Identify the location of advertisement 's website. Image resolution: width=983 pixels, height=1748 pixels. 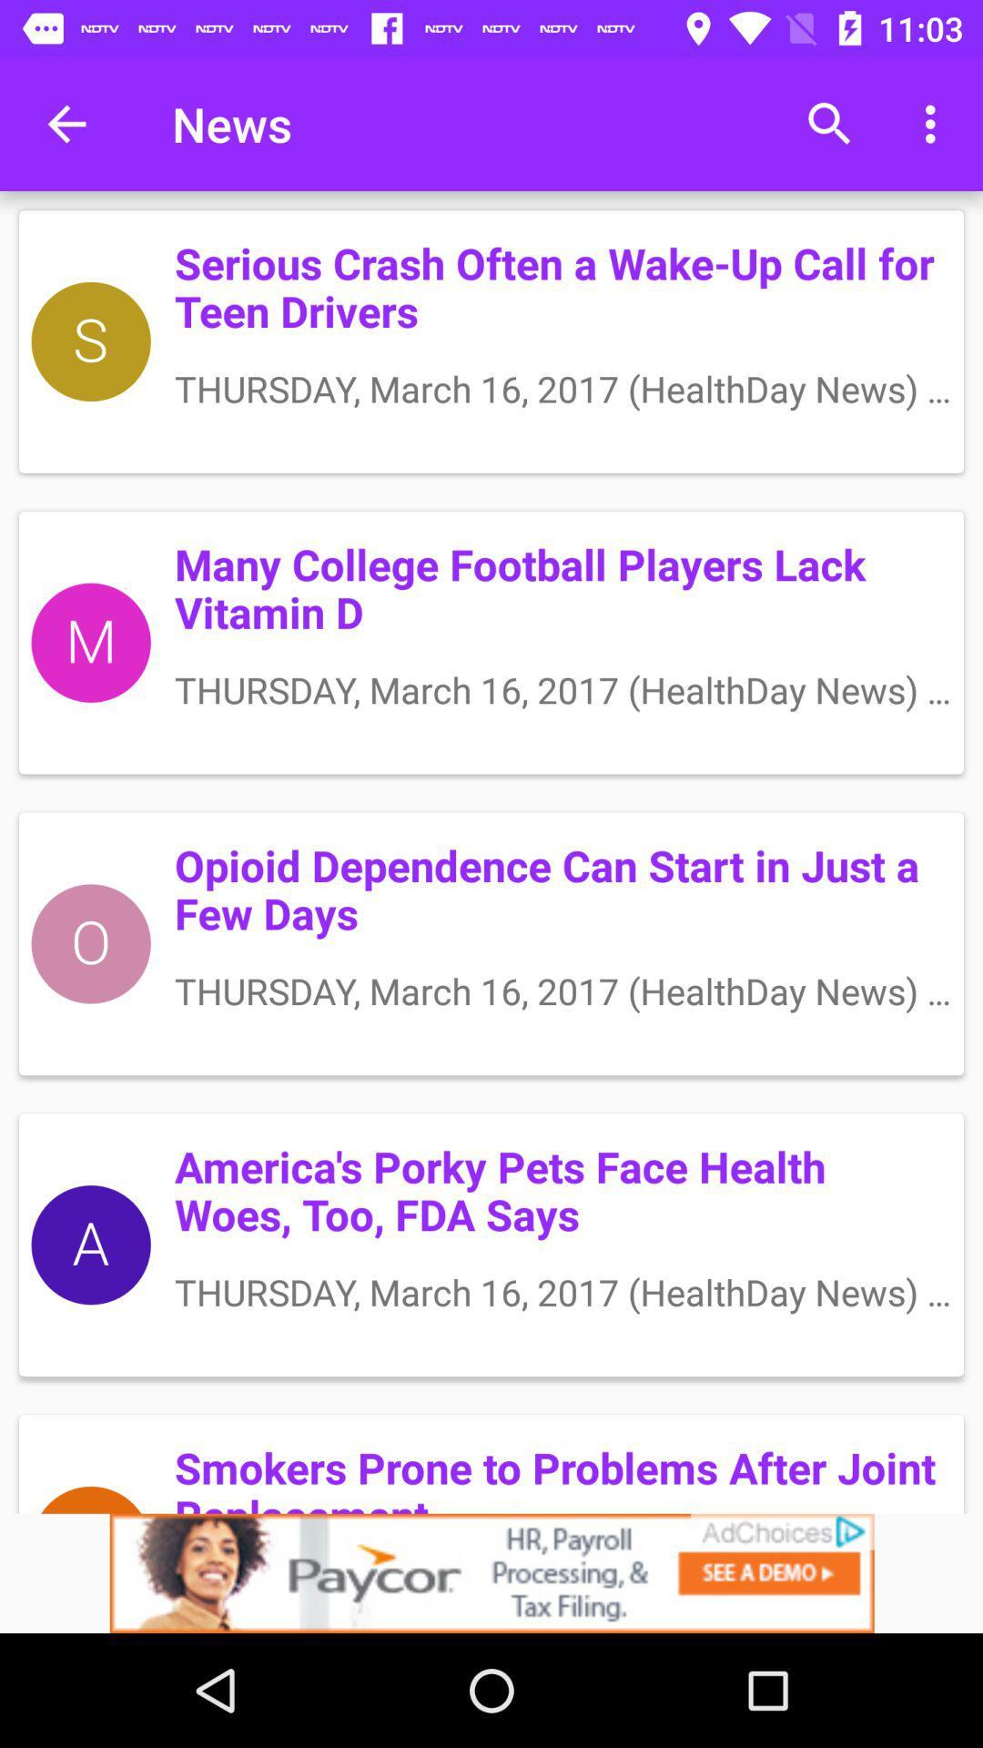
(491, 1572).